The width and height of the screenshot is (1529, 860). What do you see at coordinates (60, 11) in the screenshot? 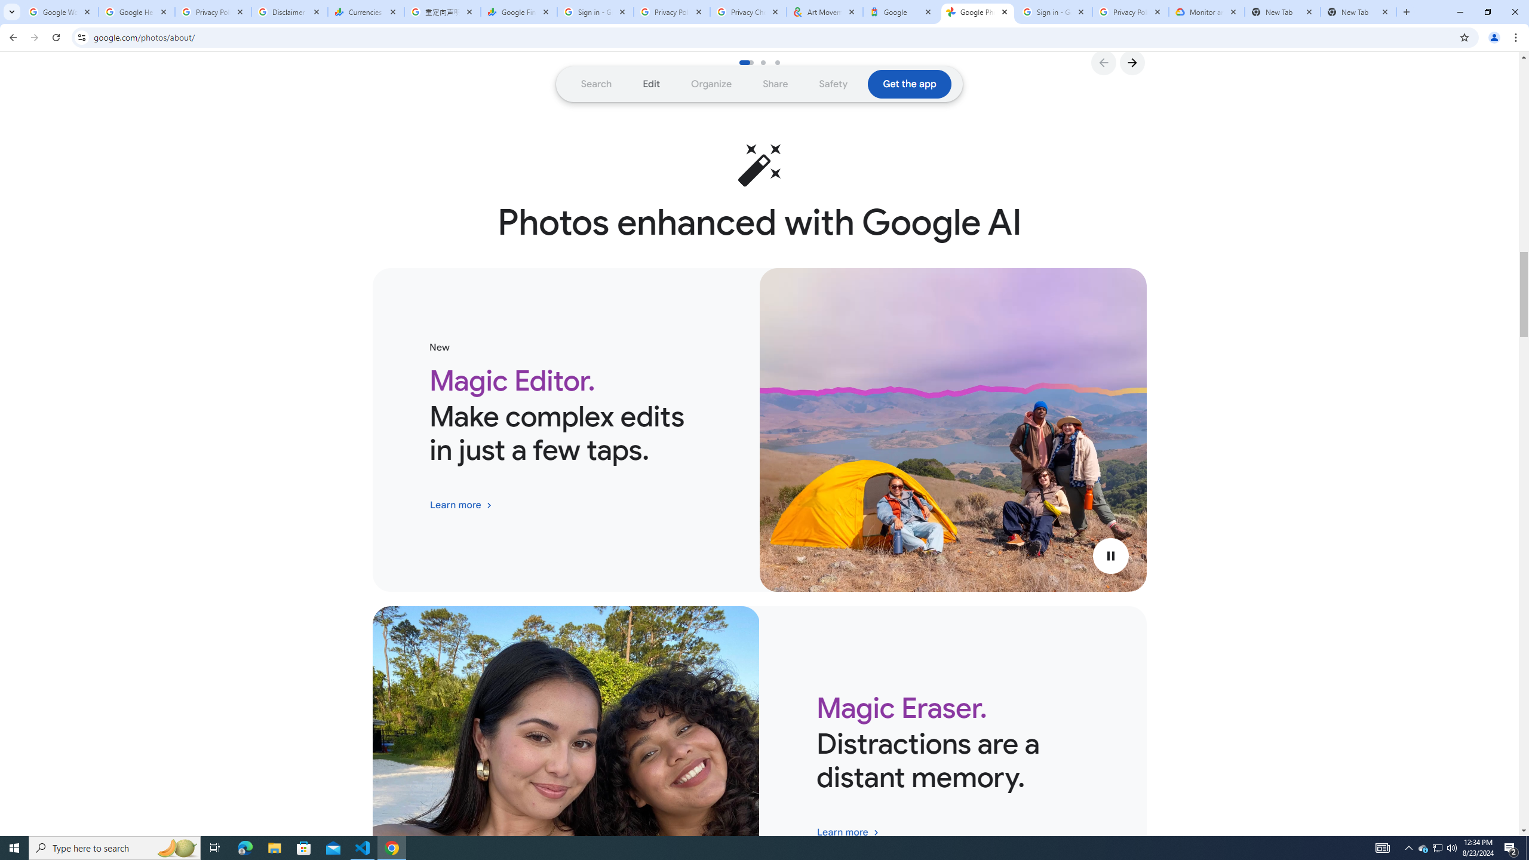
I see `'Google Workspace Admin Community'` at bounding box center [60, 11].